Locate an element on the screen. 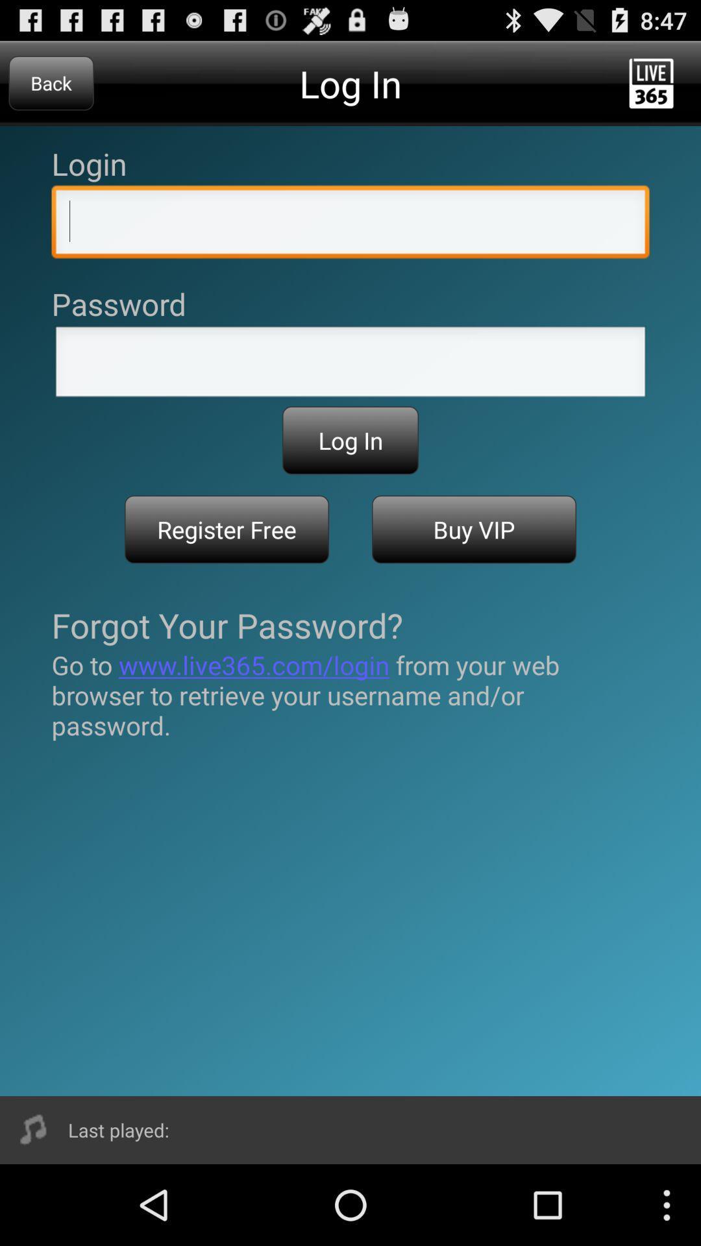 Image resolution: width=701 pixels, height=1246 pixels. item below the forgot your password? item is located at coordinates (350, 694).